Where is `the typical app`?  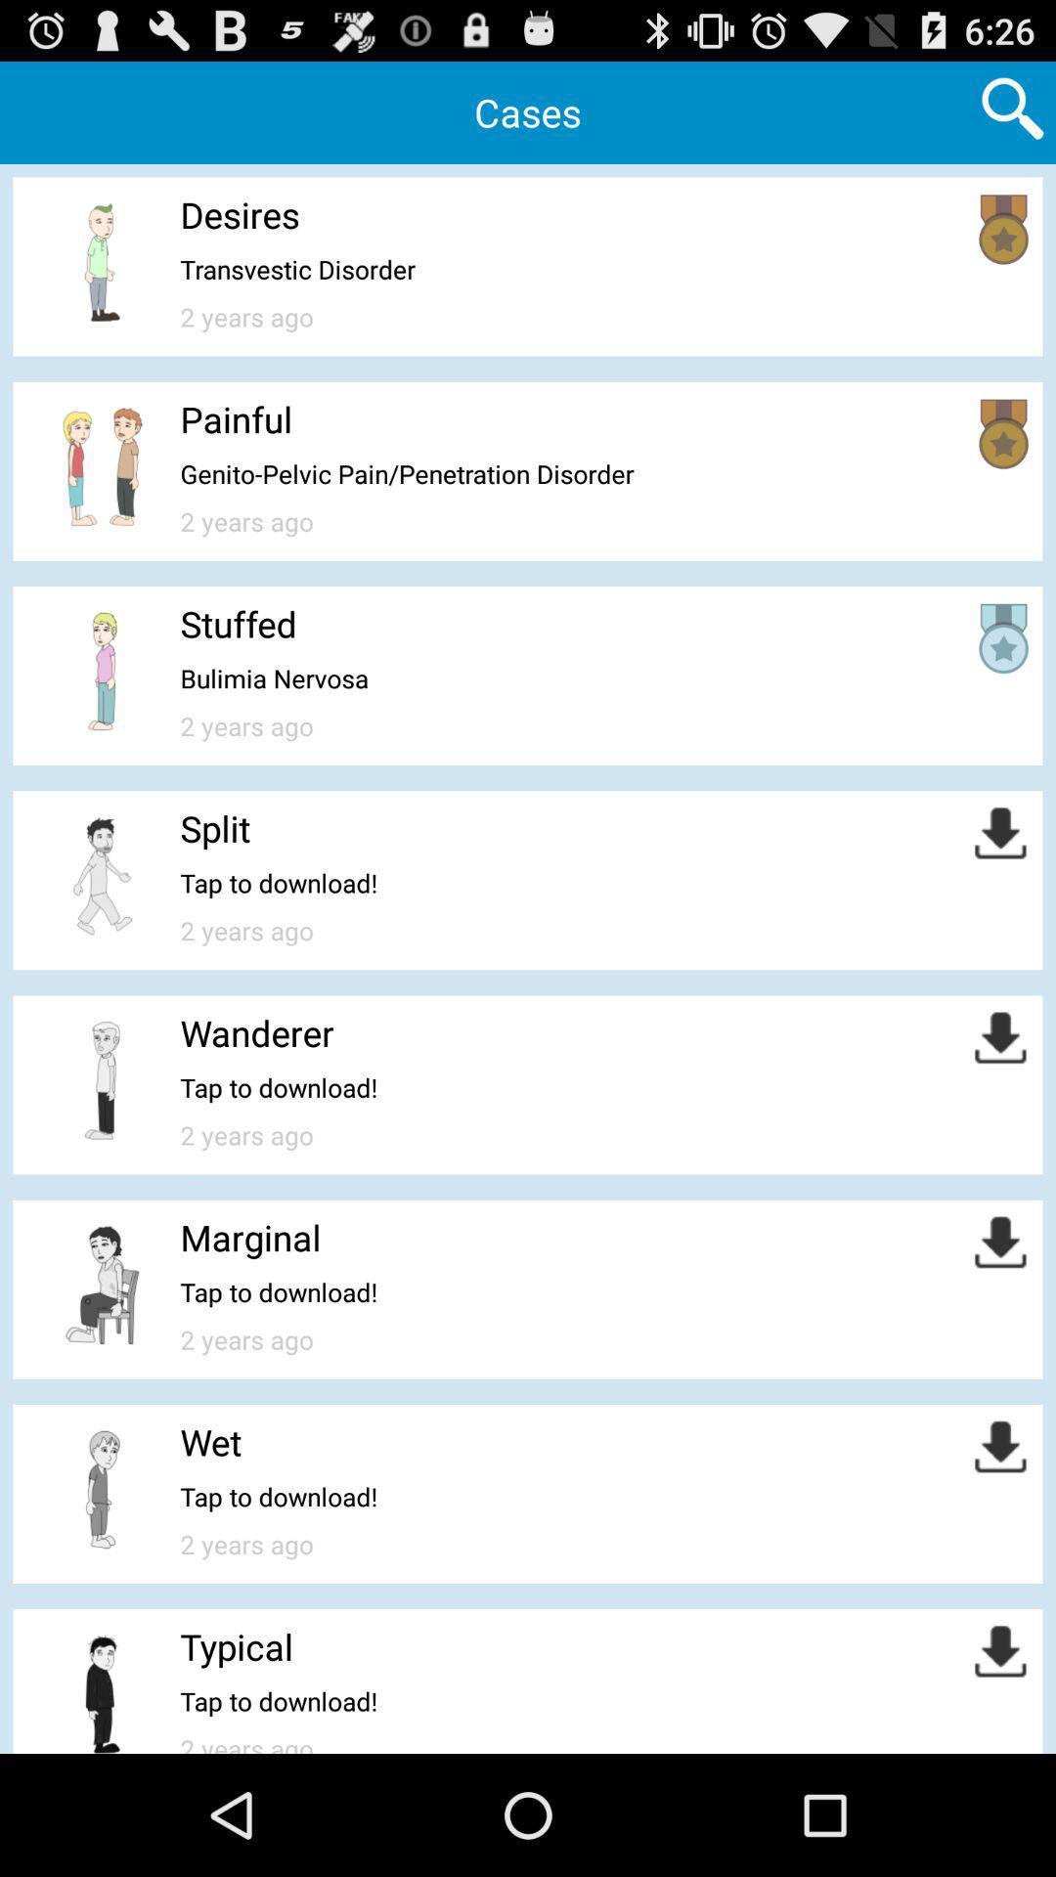
the typical app is located at coordinates (236, 1645).